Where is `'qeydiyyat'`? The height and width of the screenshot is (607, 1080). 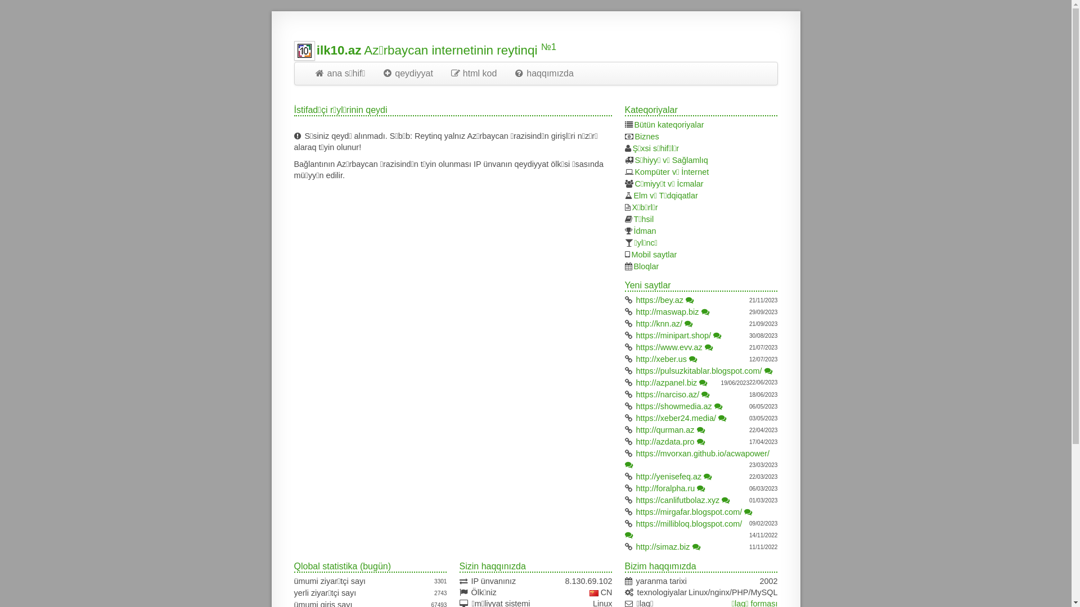
'qeydiyyat' is located at coordinates (407, 74).